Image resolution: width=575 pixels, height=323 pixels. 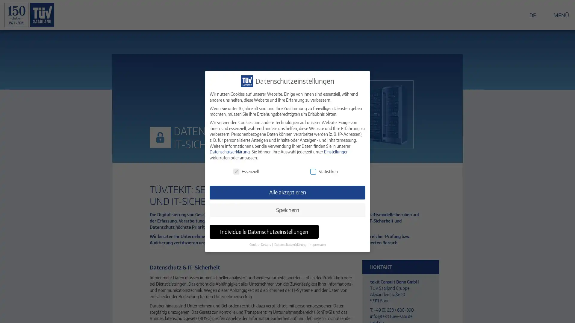 What do you see at coordinates (287, 193) in the screenshot?
I see `Alle akzeptieren` at bounding box center [287, 193].